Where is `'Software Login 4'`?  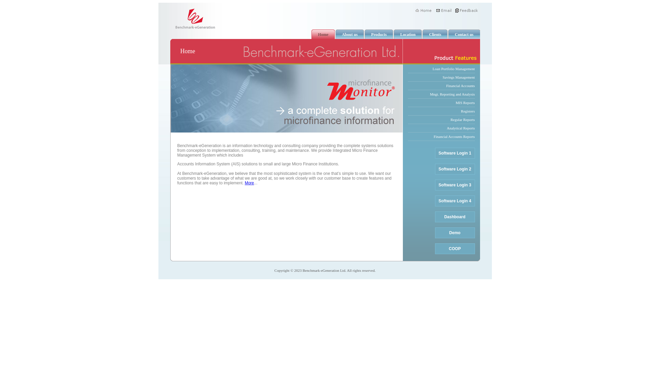 'Software Login 4' is located at coordinates (455, 201).